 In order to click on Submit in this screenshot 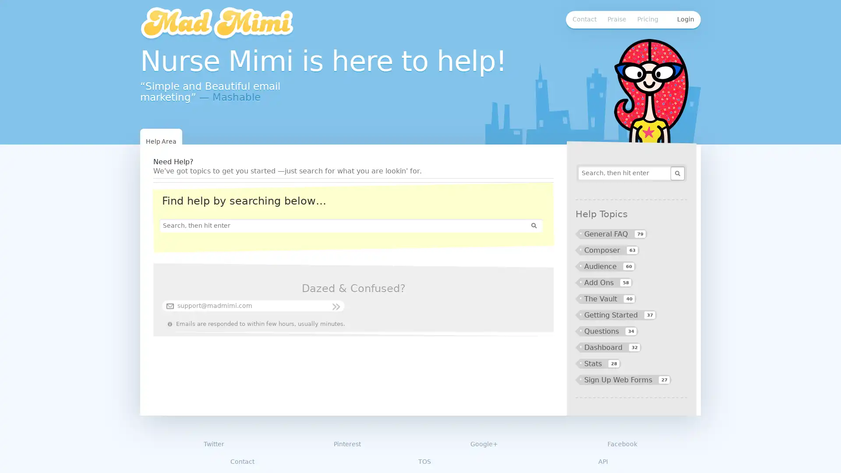, I will do `click(676, 173)`.